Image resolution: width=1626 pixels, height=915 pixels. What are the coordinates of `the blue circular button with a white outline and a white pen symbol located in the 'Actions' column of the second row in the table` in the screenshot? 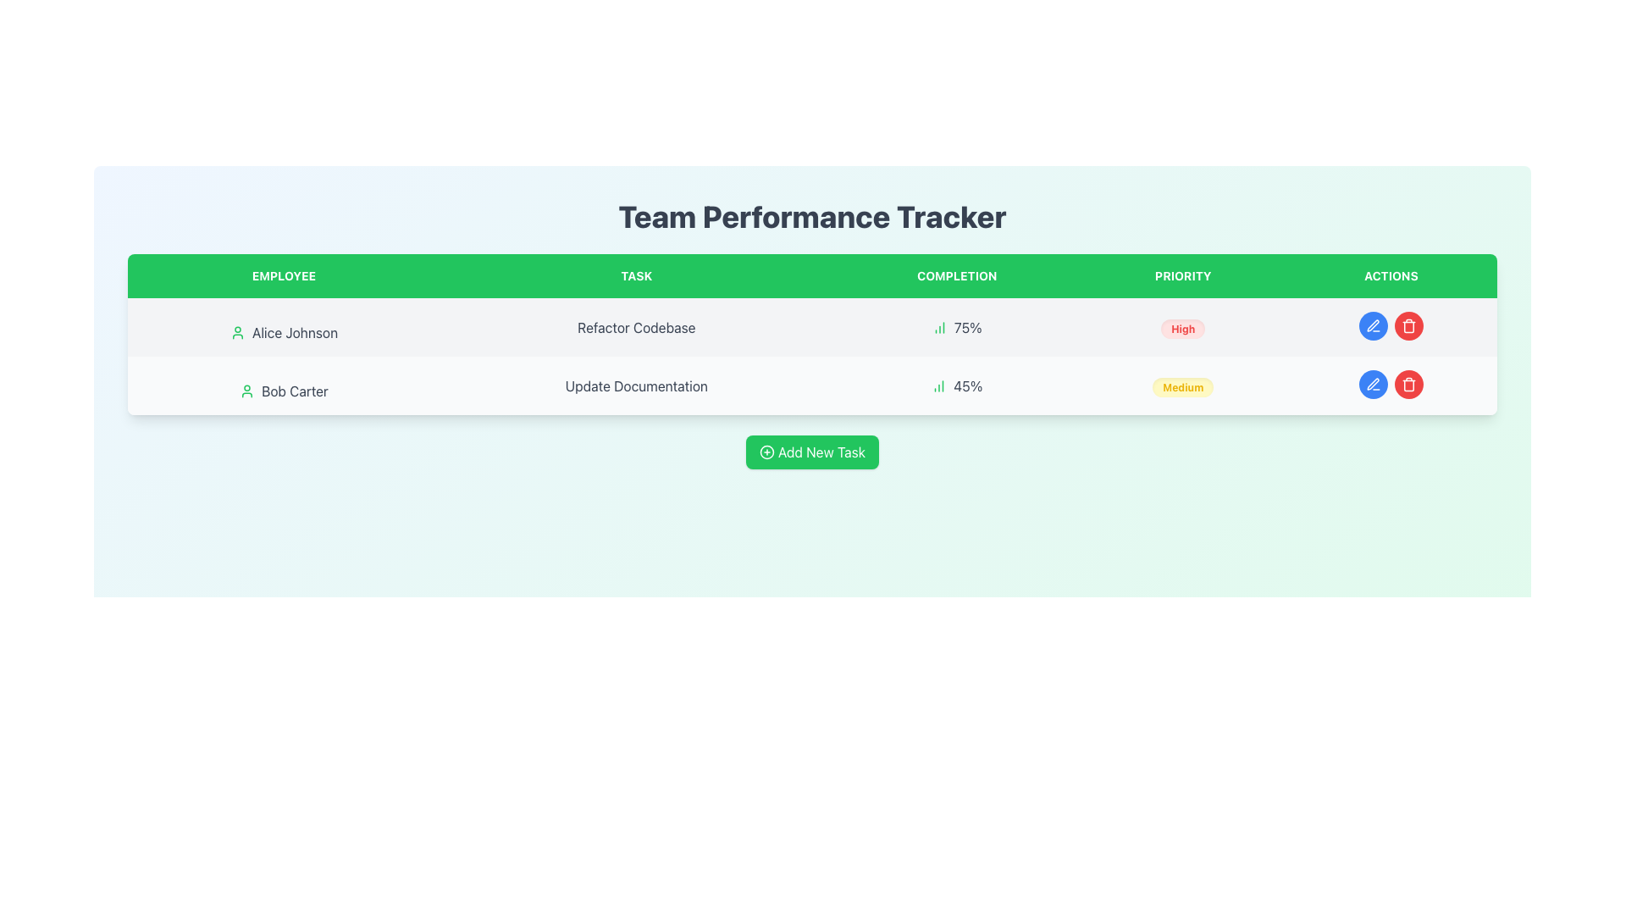 It's located at (1373, 326).